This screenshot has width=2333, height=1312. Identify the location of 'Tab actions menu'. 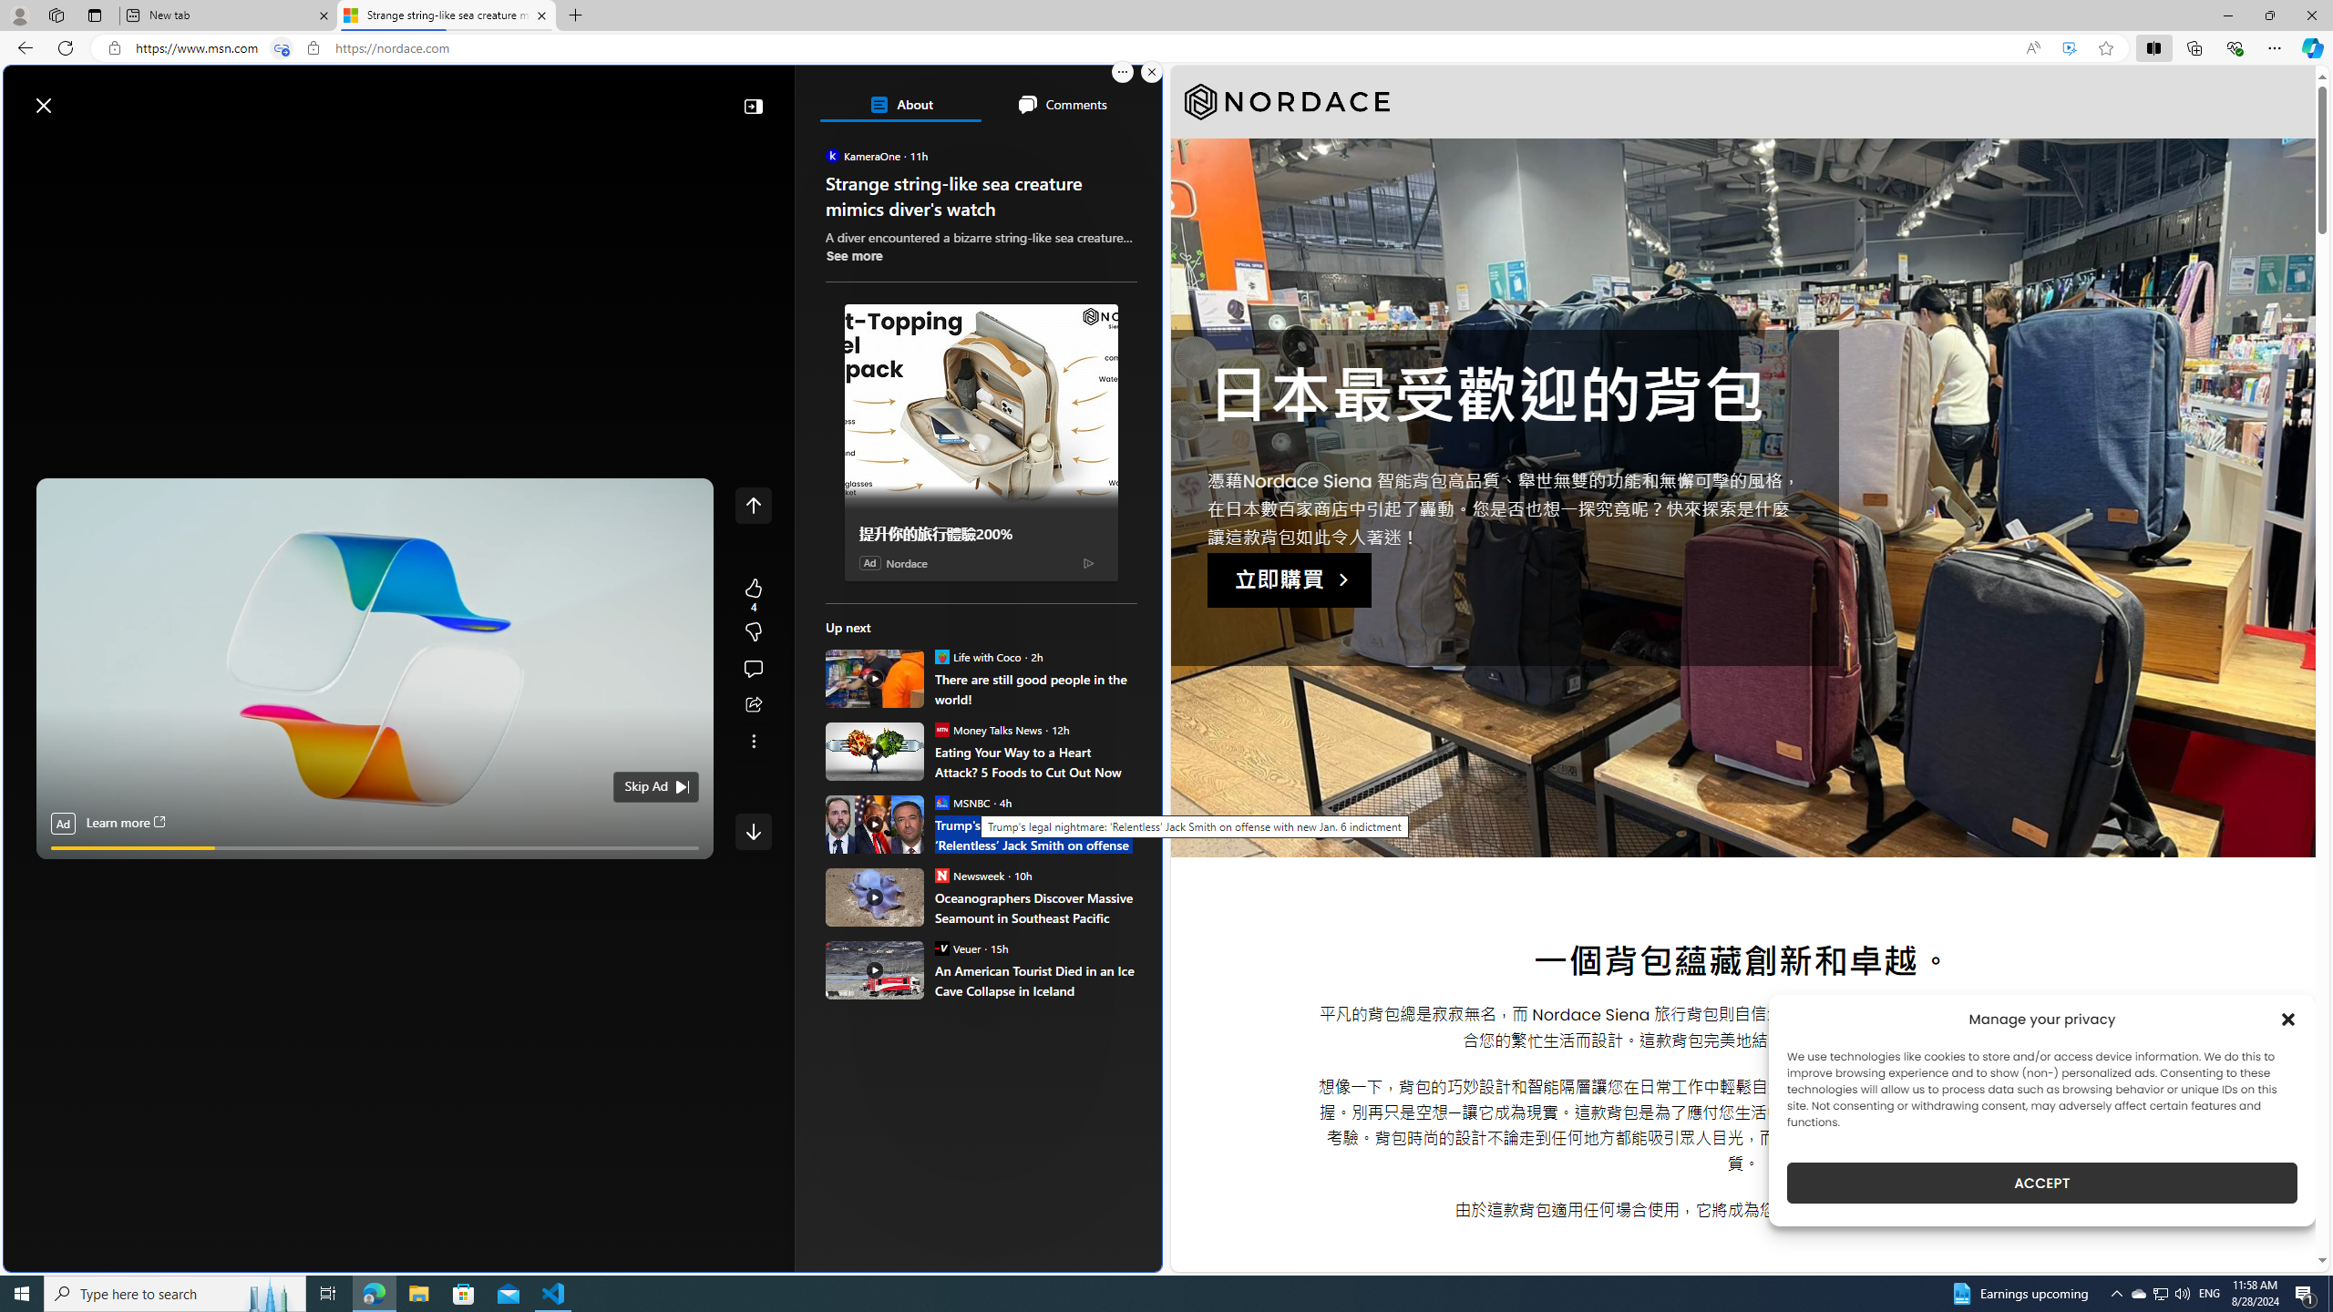
(93, 15).